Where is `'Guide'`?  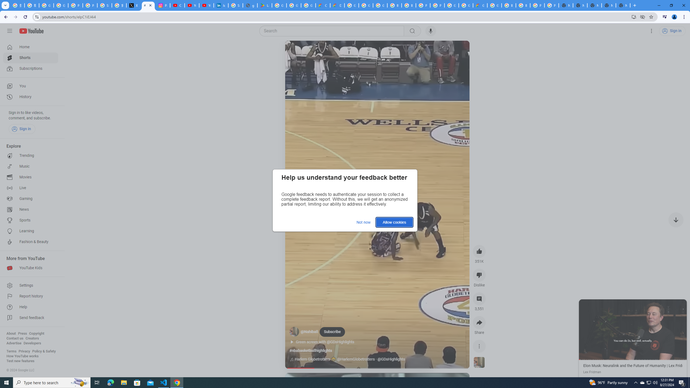 'Guide' is located at coordinates (9, 31).